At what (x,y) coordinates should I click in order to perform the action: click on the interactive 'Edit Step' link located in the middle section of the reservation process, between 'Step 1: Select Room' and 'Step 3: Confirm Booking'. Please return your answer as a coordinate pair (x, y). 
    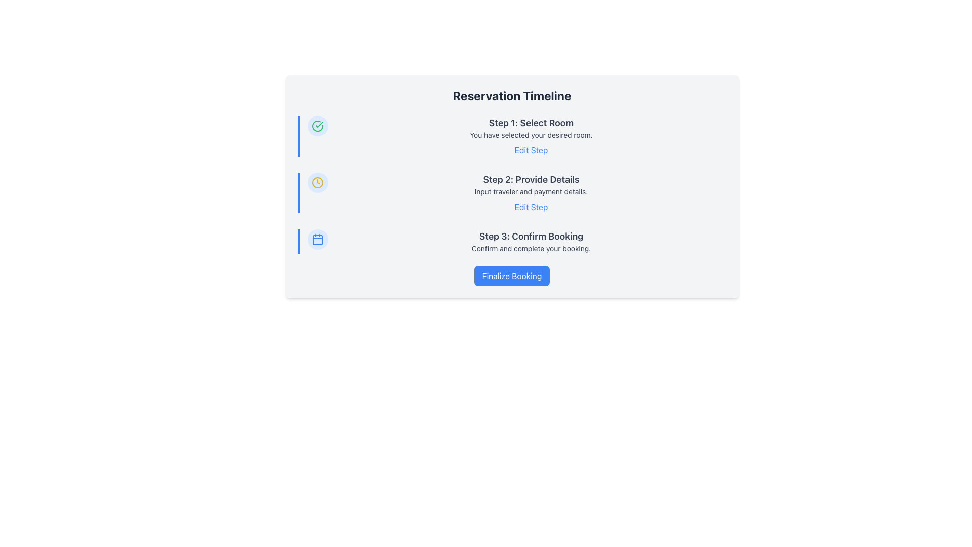
    Looking at the image, I should click on (531, 193).